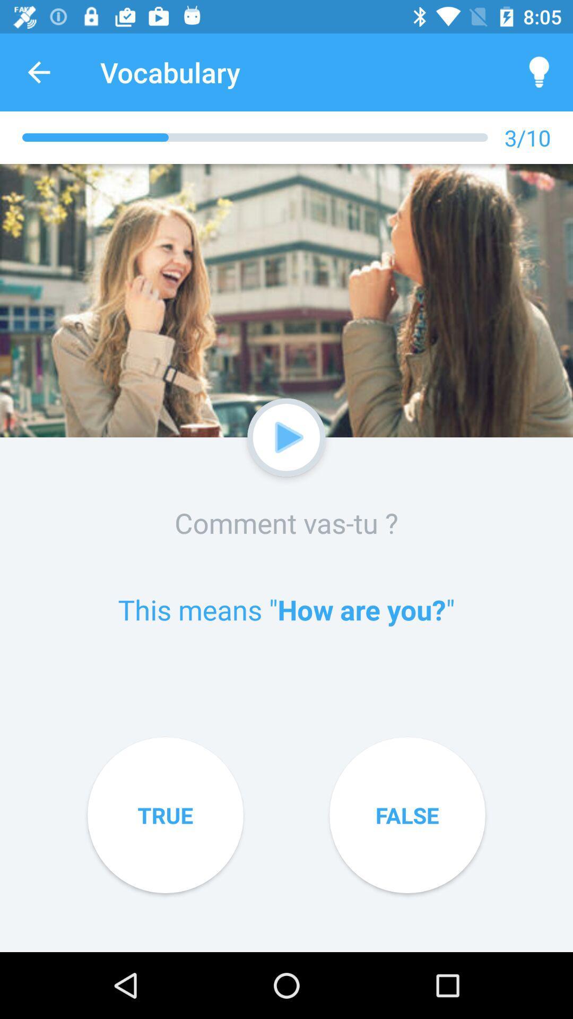 The height and width of the screenshot is (1019, 573). What do you see at coordinates (289, 437) in the screenshot?
I see `the video button below the image` at bounding box center [289, 437].